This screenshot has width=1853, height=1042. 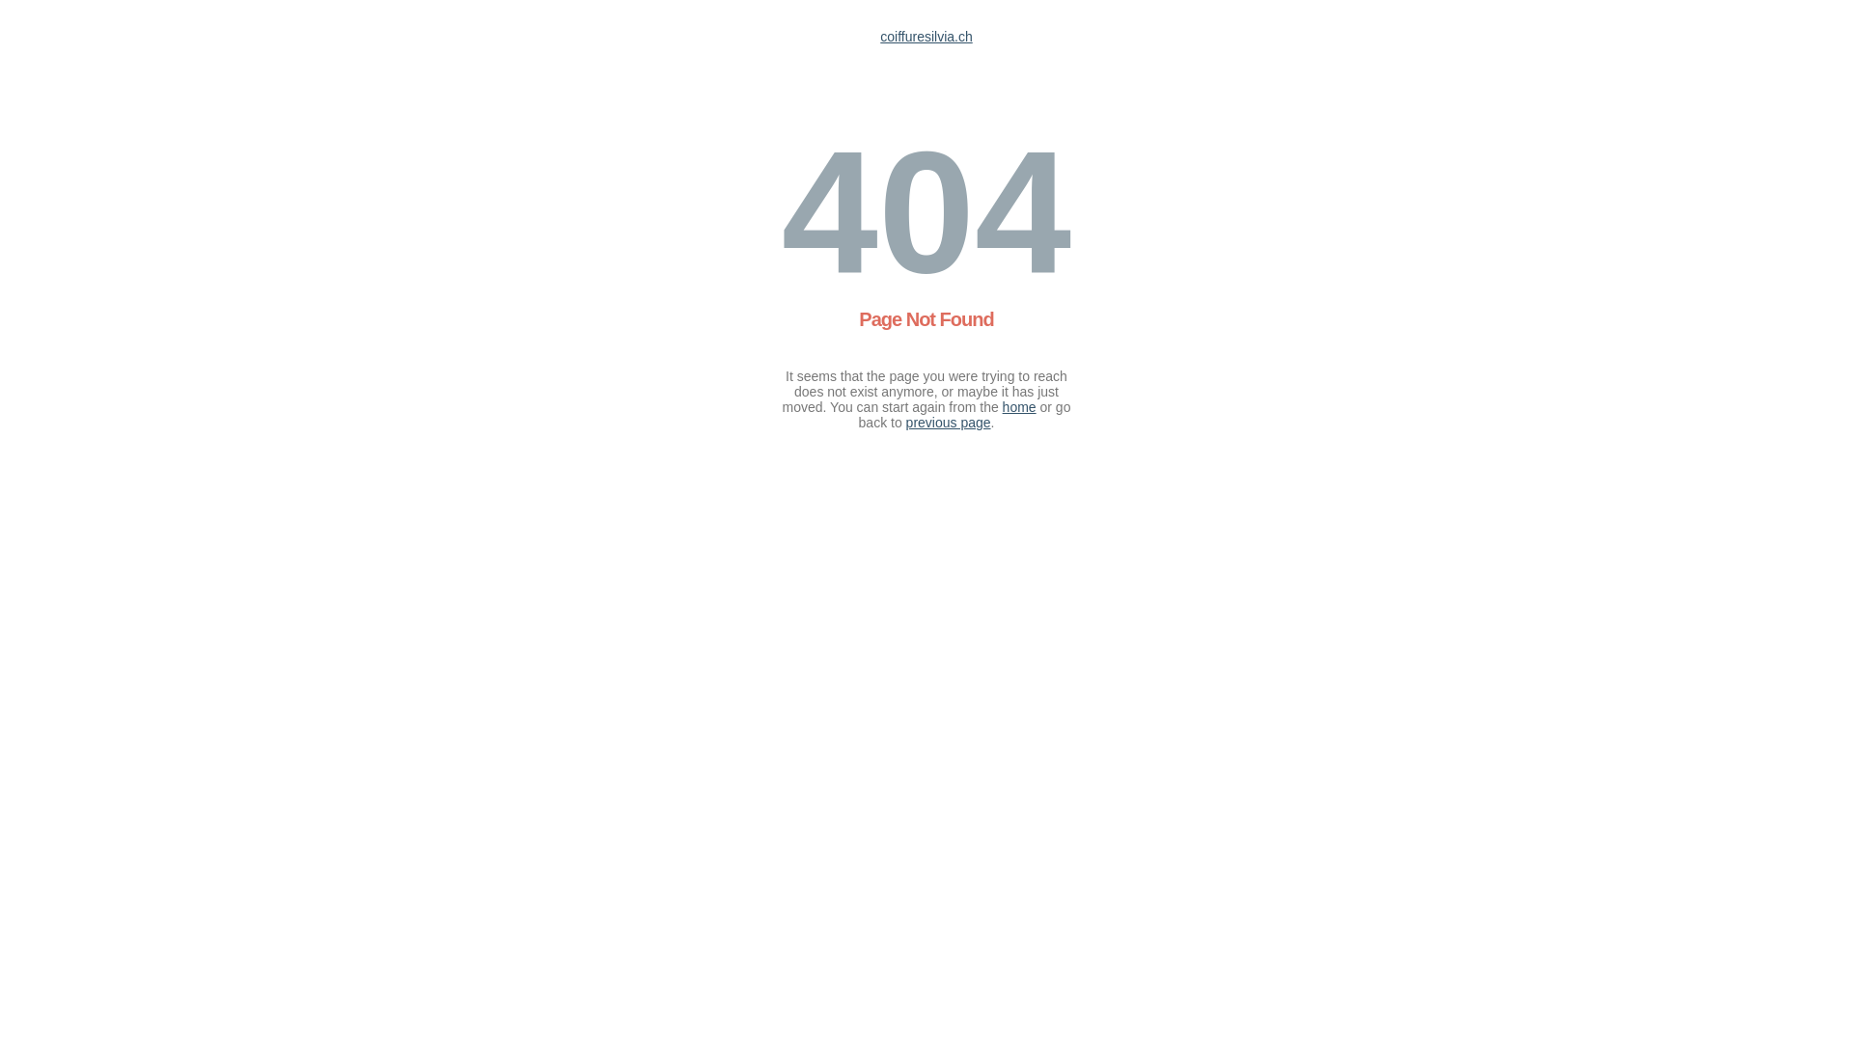 What do you see at coordinates (1002, 405) in the screenshot?
I see `'home'` at bounding box center [1002, 405].